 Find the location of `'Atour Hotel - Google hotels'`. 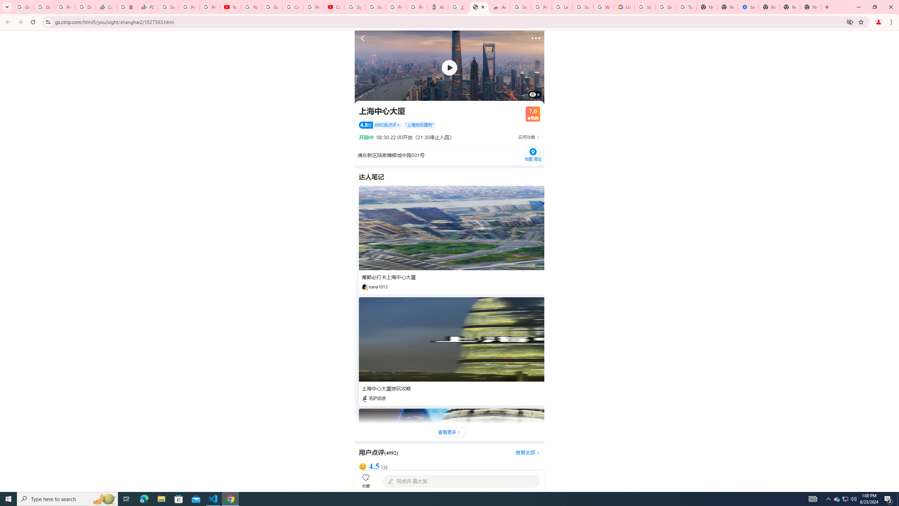

'Atour Hotel - Google hotels' is located at coordinates (438, 7).